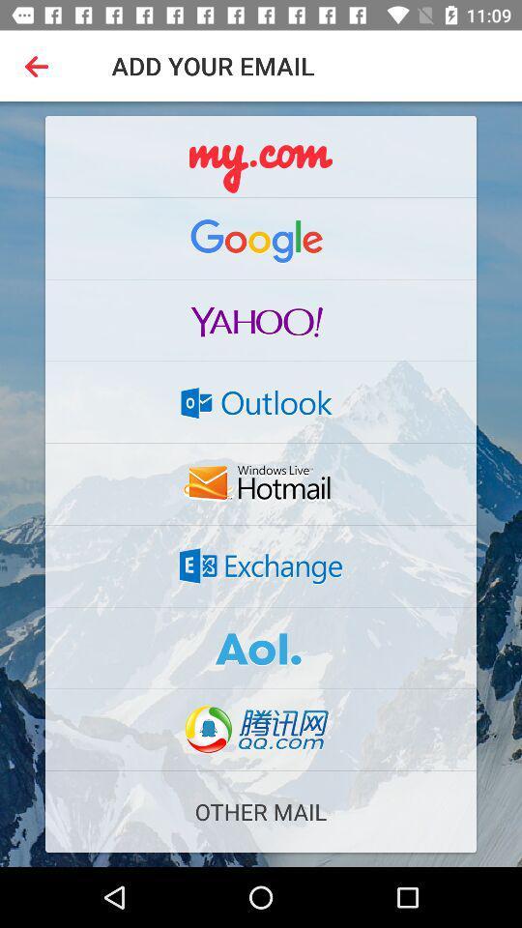 The image size is (522, 928). What do you see at coordinates (261, 320) in the screenshot?
I see `open webpage` at bounding box center [261, 320].